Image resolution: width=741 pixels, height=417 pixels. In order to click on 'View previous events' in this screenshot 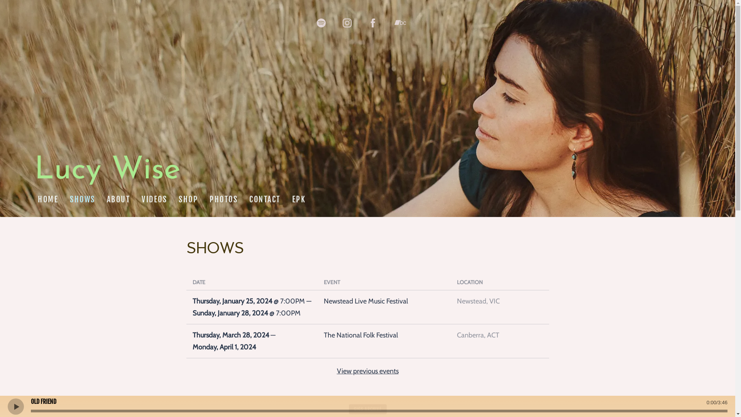, I will do `click(337, 370)`.